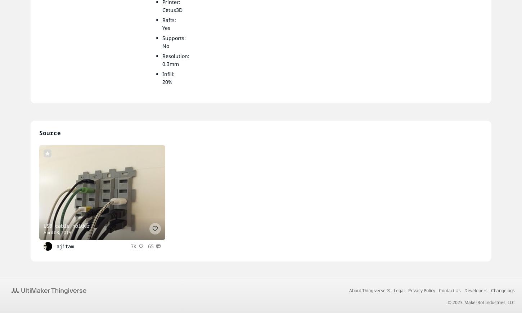 This screenshot has height=313, width=522. What do you see at coordinates (167, 81) in the screenshot?
I see `'20%'` at bounding box center [167, 81].